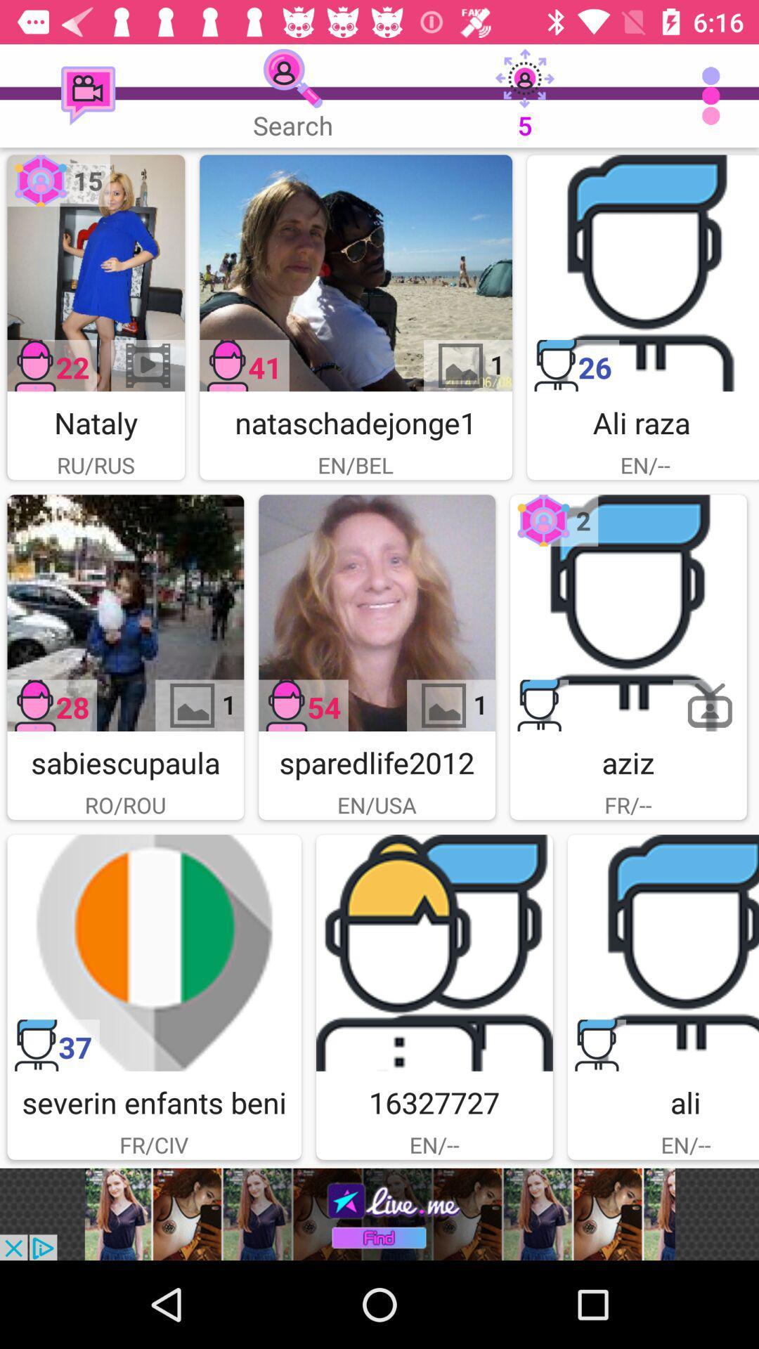 This screenshot has width=759, height=1349. I want to click on advertisement, so click(124, 613).